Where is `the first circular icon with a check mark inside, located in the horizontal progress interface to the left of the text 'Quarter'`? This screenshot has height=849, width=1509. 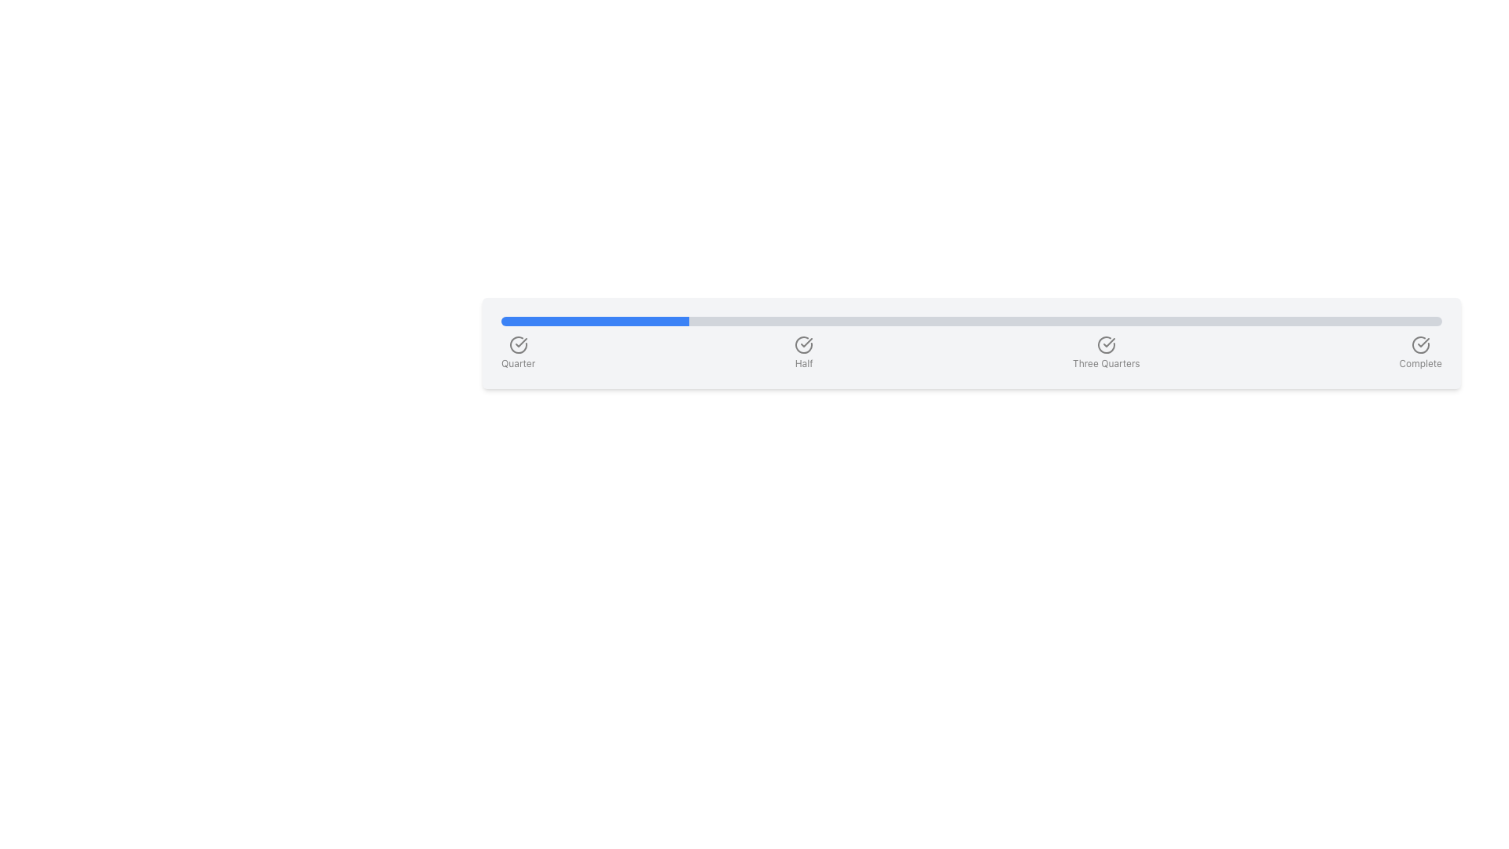
the first circular icon with a check mark inside, located in the horizontal progress interface to the left of the text 'Quarter' is located at coordinates (518, 344).